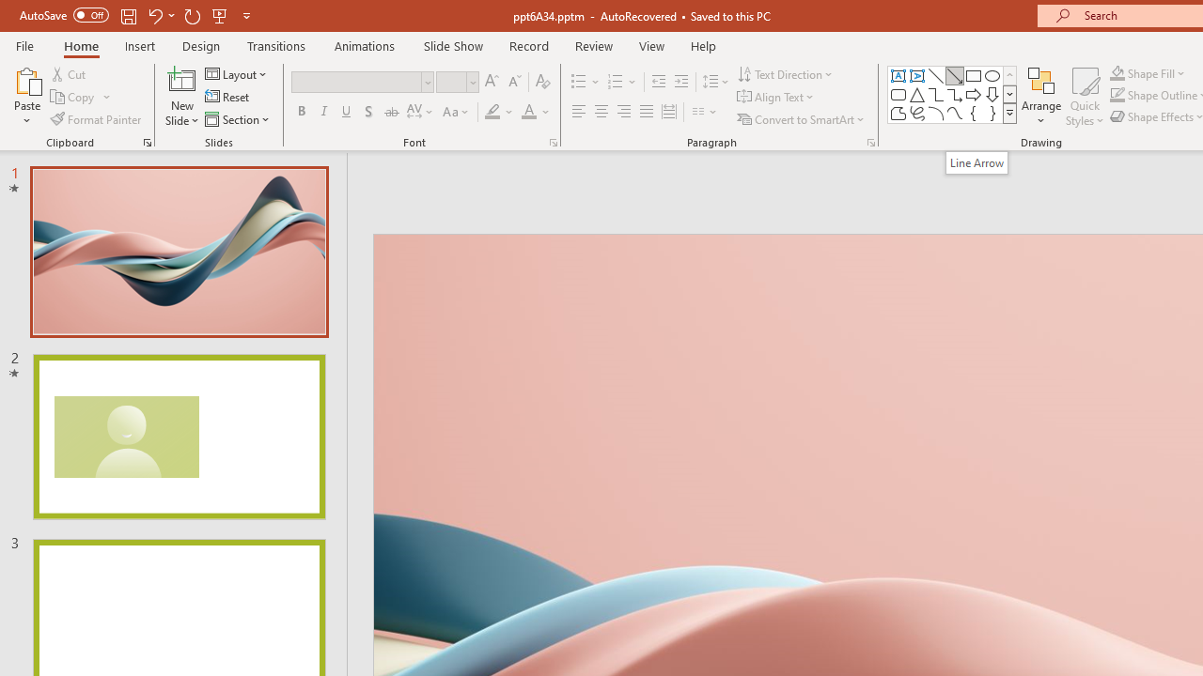 This screenshot has width=1203, height=676. What do you see at coordinates (917, 113) in the screenshot?
I see `'Freeform: Scribble'` at bounding box center [917, 113].